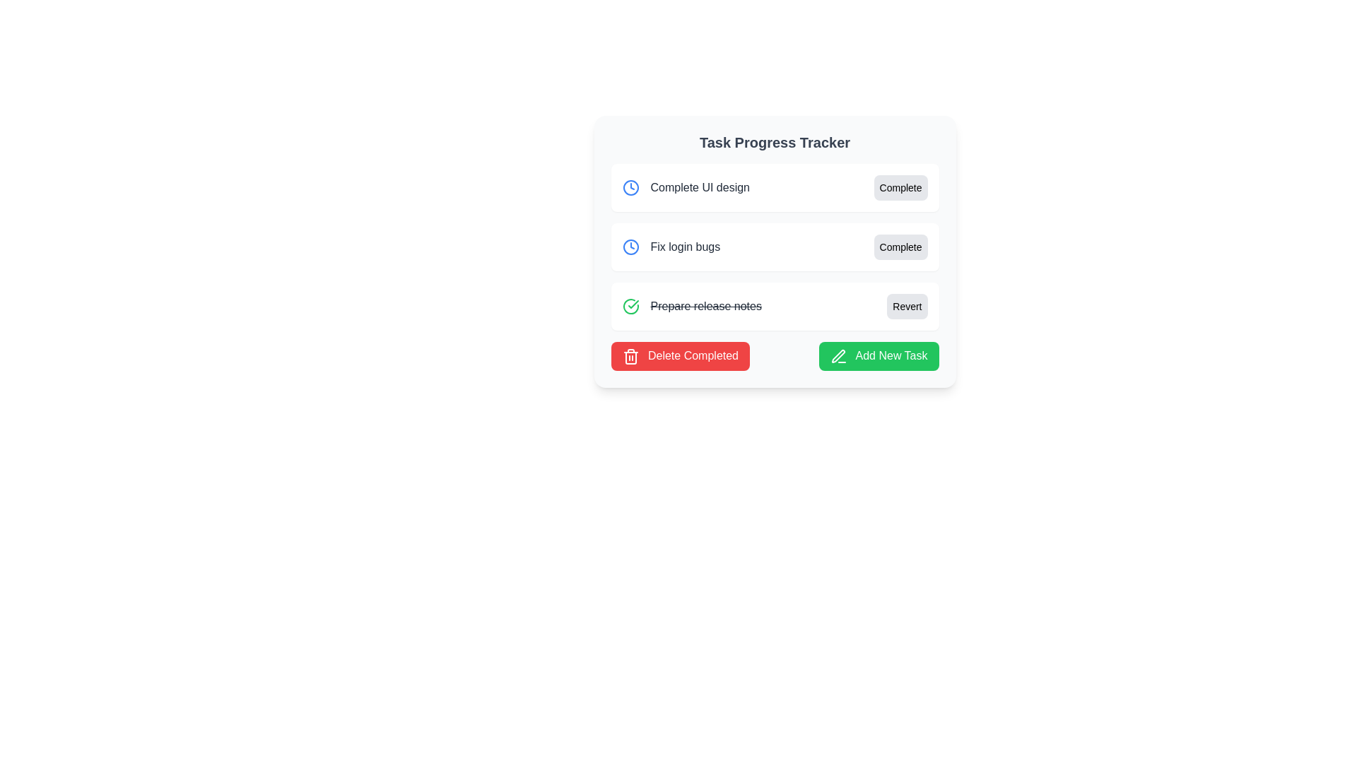 The width and height of the screenshot is (1357, 763). I want to click on the text label located in the first task row of the task tracker UI, which follows the clock icon and precedes the 'Complete' button, so click(700, 187).